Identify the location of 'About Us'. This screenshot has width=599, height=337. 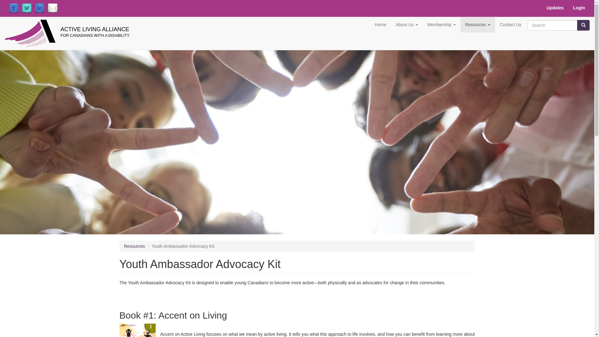
(407, 24).